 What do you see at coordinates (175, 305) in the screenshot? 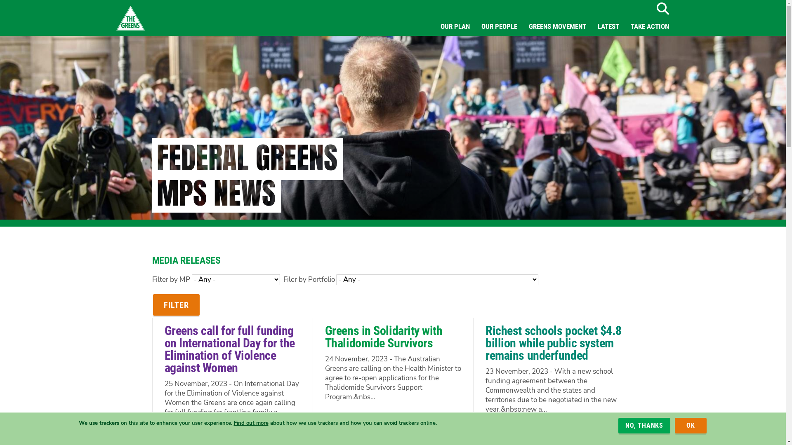
I see `'Filter'` at bounding box center [175, 305].